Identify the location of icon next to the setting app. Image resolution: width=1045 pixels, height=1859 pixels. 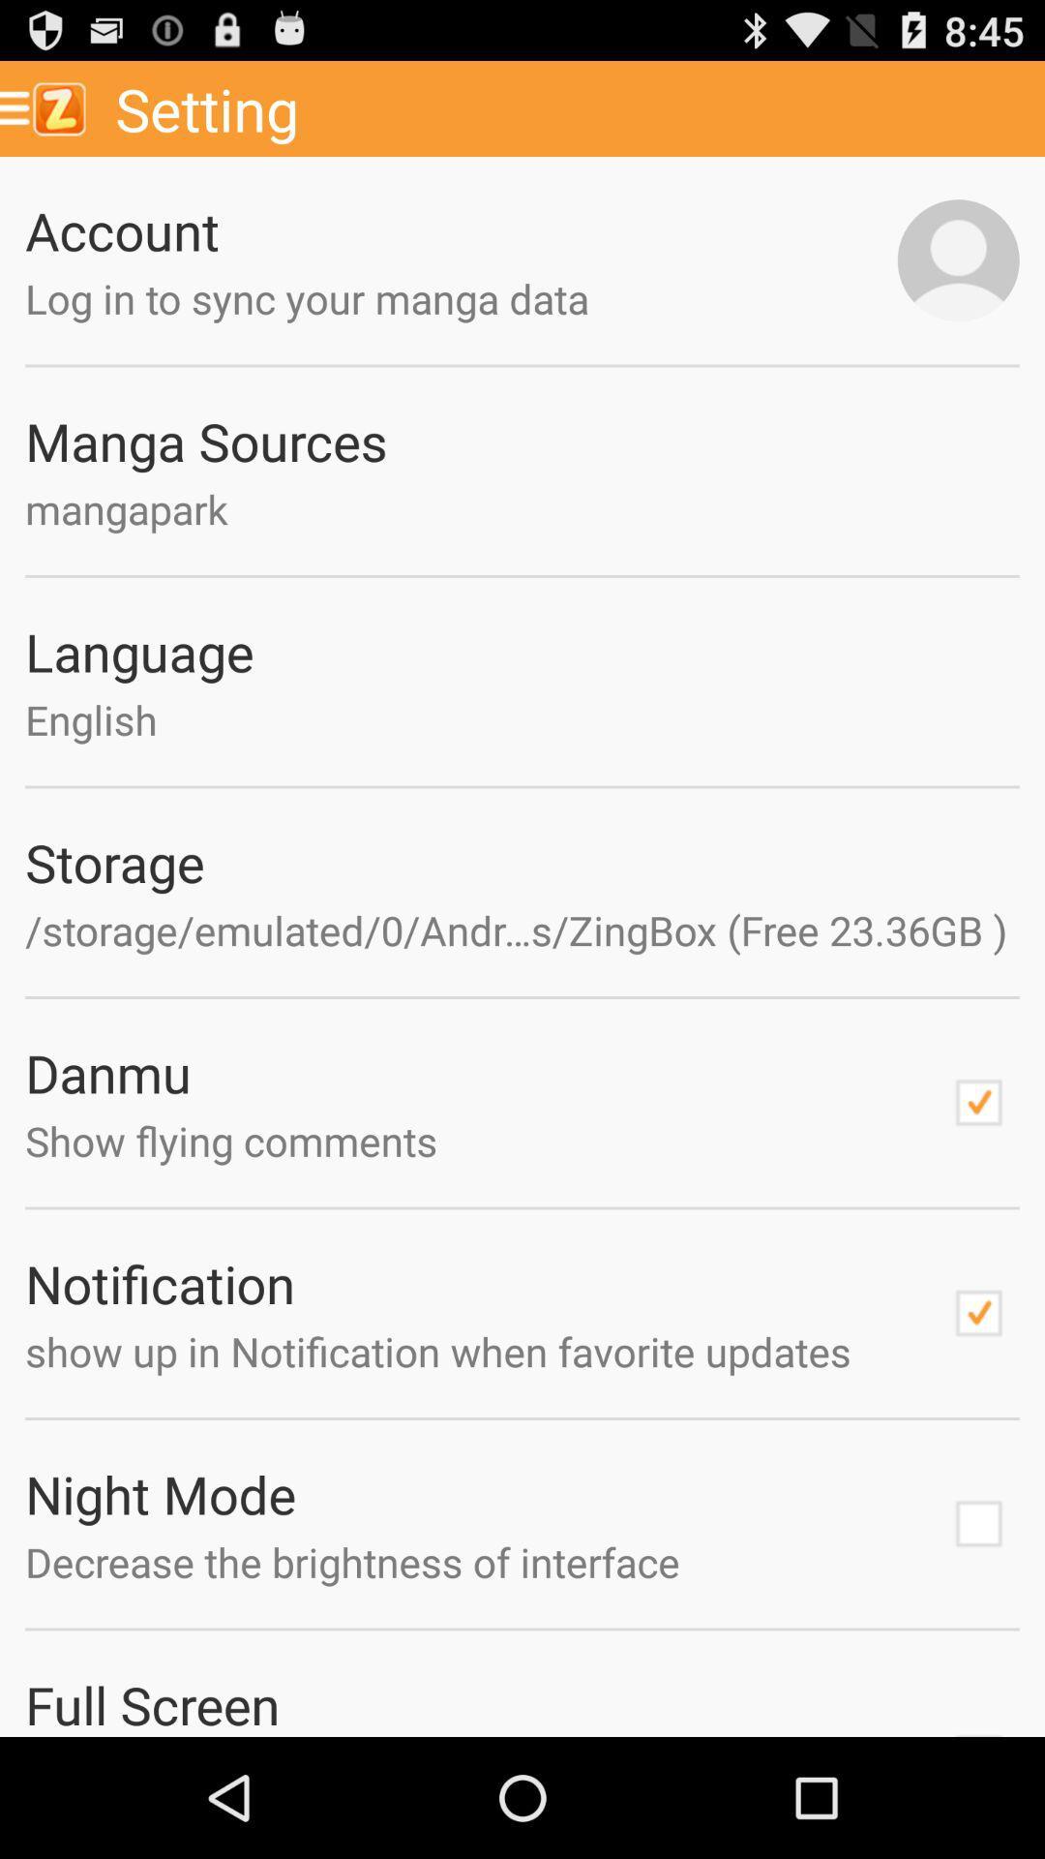
(49, 107).